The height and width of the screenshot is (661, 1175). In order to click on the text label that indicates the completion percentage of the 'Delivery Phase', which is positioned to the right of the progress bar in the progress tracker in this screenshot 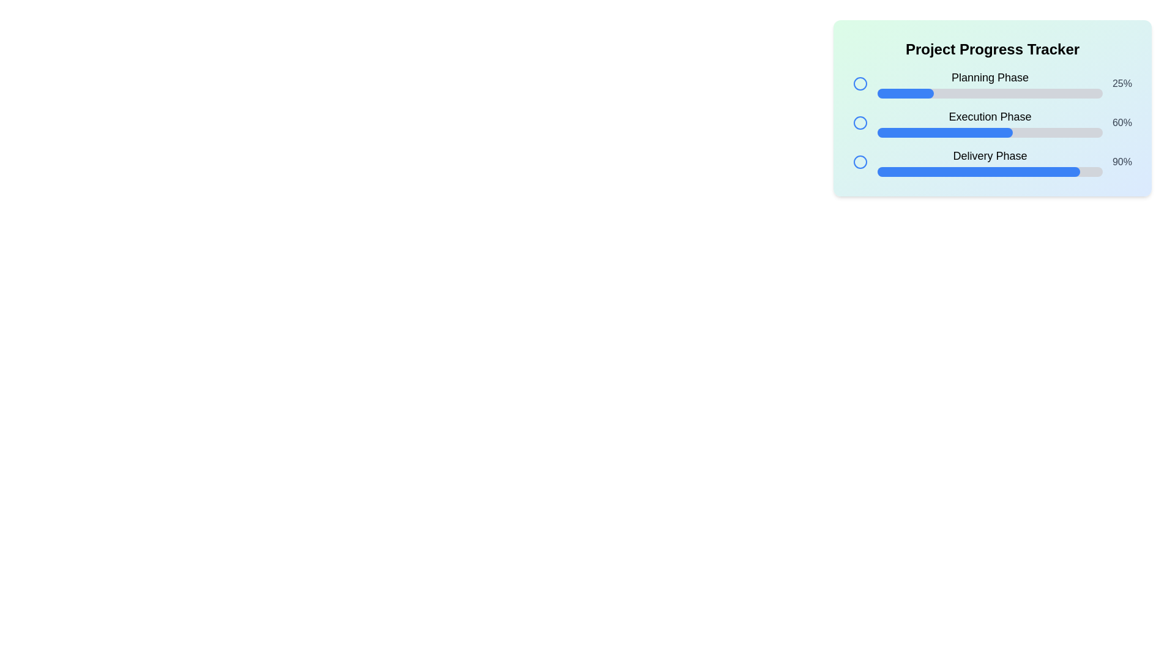, I will do `click(1122, 162)`.